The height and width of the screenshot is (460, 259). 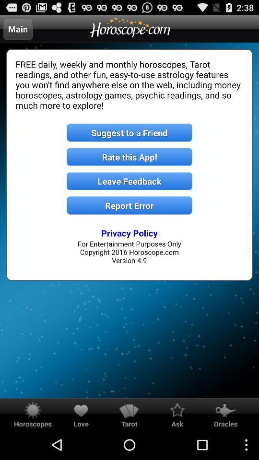 What do you see at coordinates (129, 206) in the screenshot?
I see `the icon below leave feedback` at bounding box center [129, 206].